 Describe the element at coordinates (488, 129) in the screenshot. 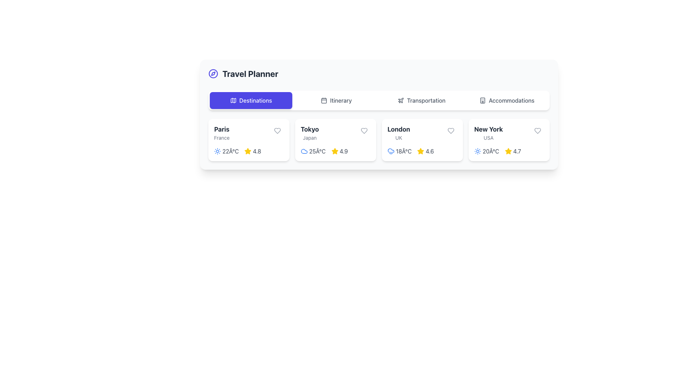

I see `text from the main identifier label of the card that displays the travel destination, which is 'New York', located at the top-left side of the card` at that location.